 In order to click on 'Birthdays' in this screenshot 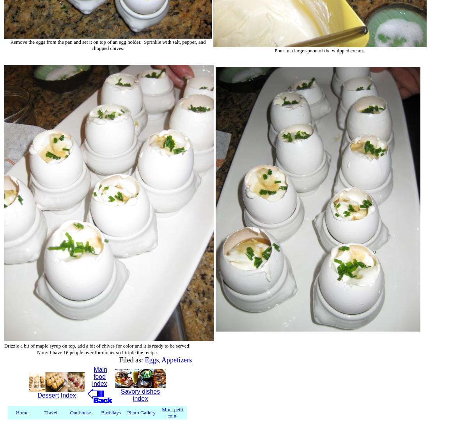, I will do `click(101, 412)`.